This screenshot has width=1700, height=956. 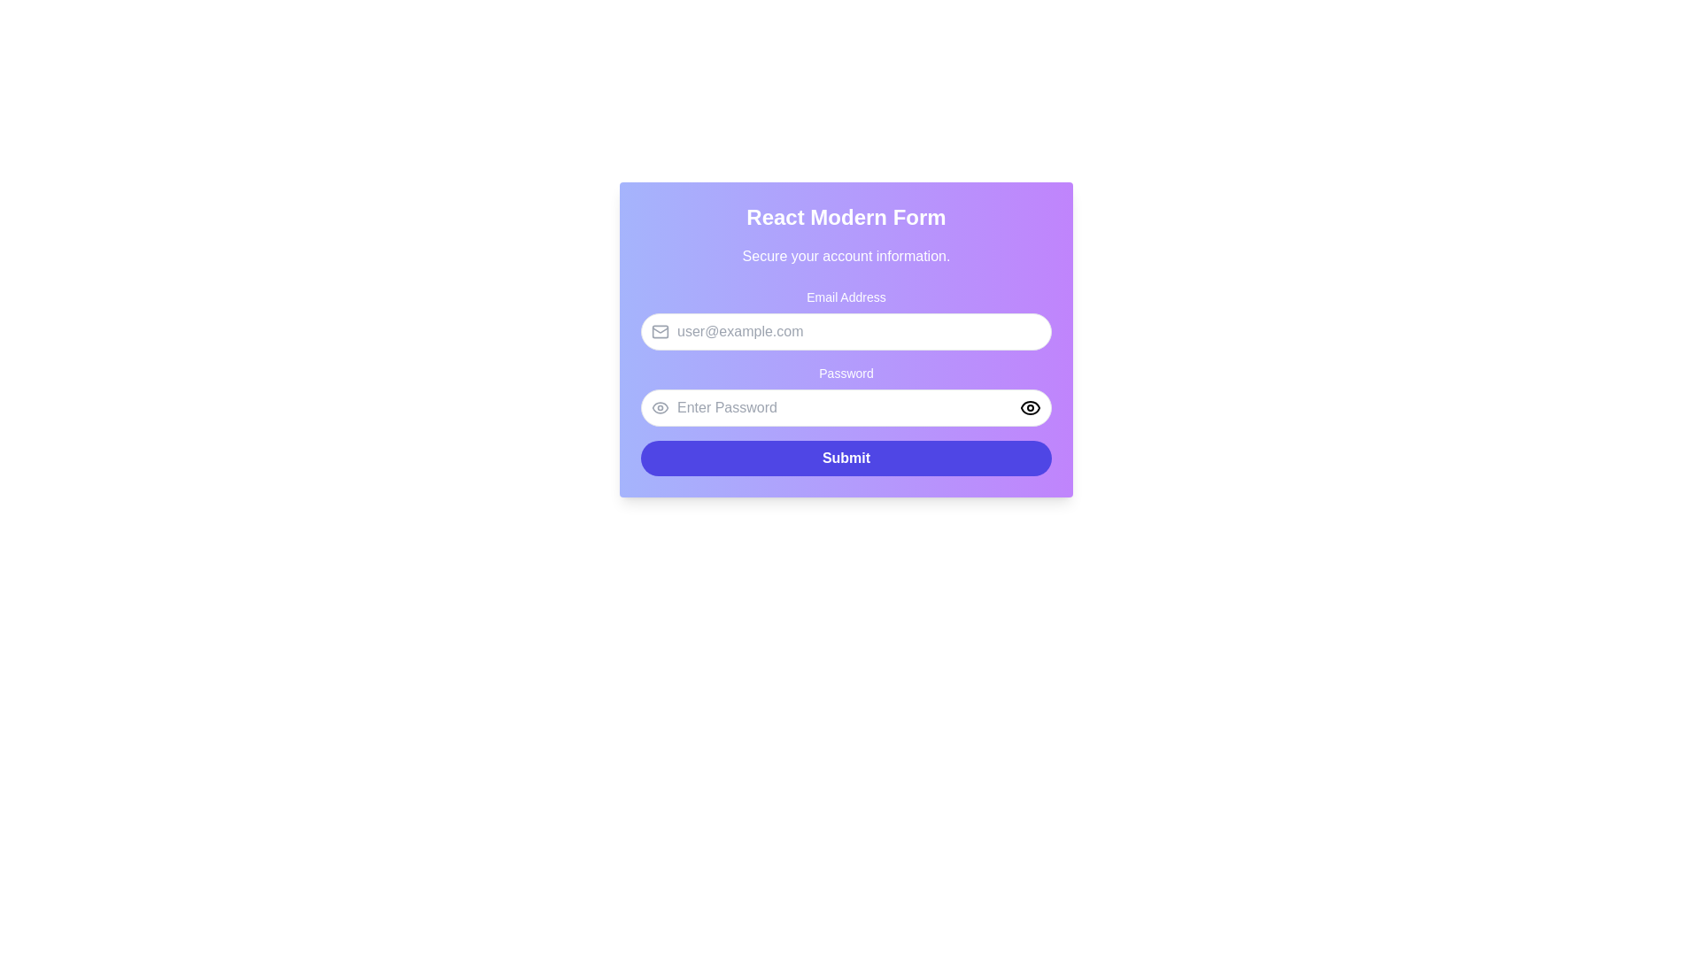 What do you see at coordinates (1030, 408) in the screenshot?
I see `the circular eye icon button, which is positioned to the far right end of the password input field` at bounding box center [1030, 408].